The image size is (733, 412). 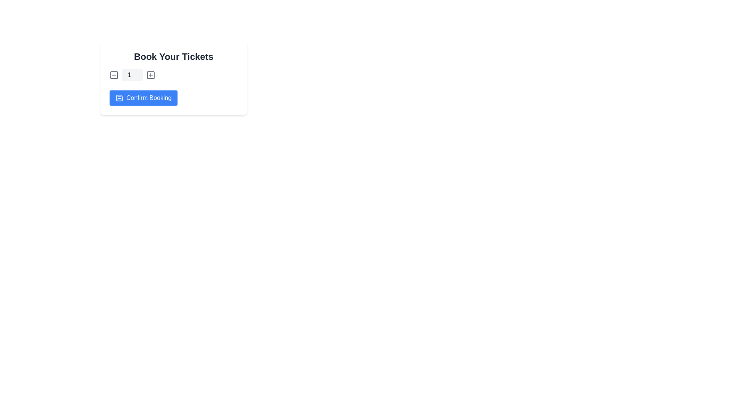 What do you see at coordinates (119, 98) in the screenshot?
I see `the 'Confirm Booking' button icon located centrally in the lower section of the 'Book Your Tickets' card for interactive feedback` at bounding box center [119, 98].